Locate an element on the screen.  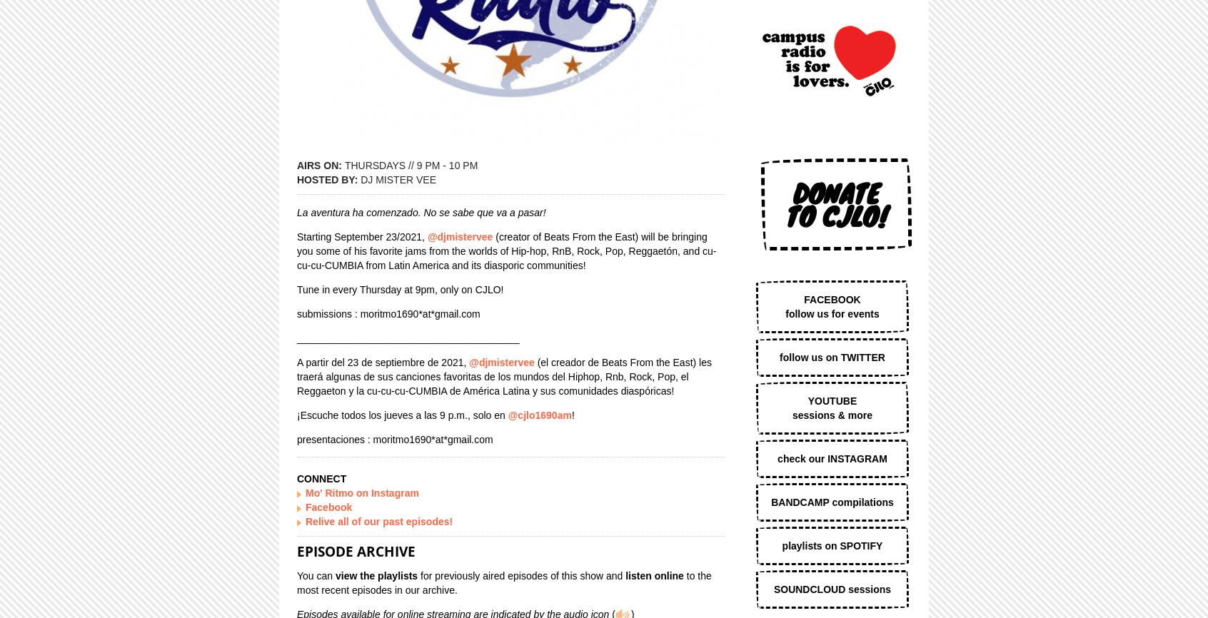
'Episode Archive' is located at coordinates (297, 549).